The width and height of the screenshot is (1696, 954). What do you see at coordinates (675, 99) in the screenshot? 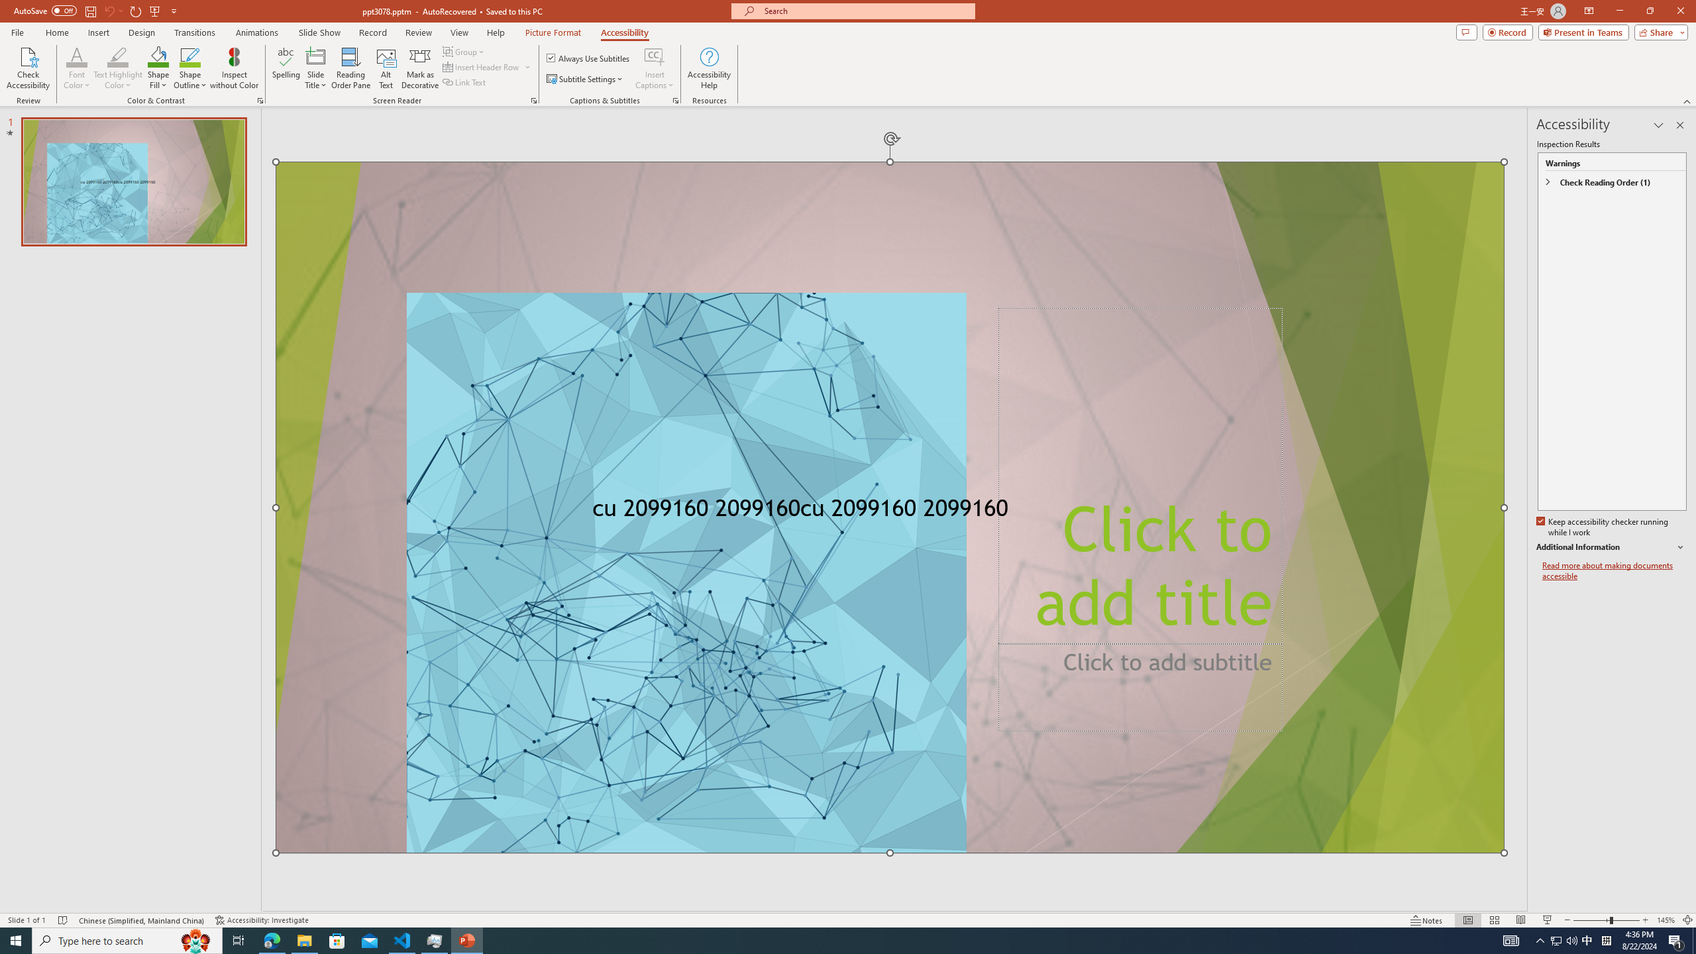
I see `'Captions & Subtitles'` at bounding box center [675, 99].